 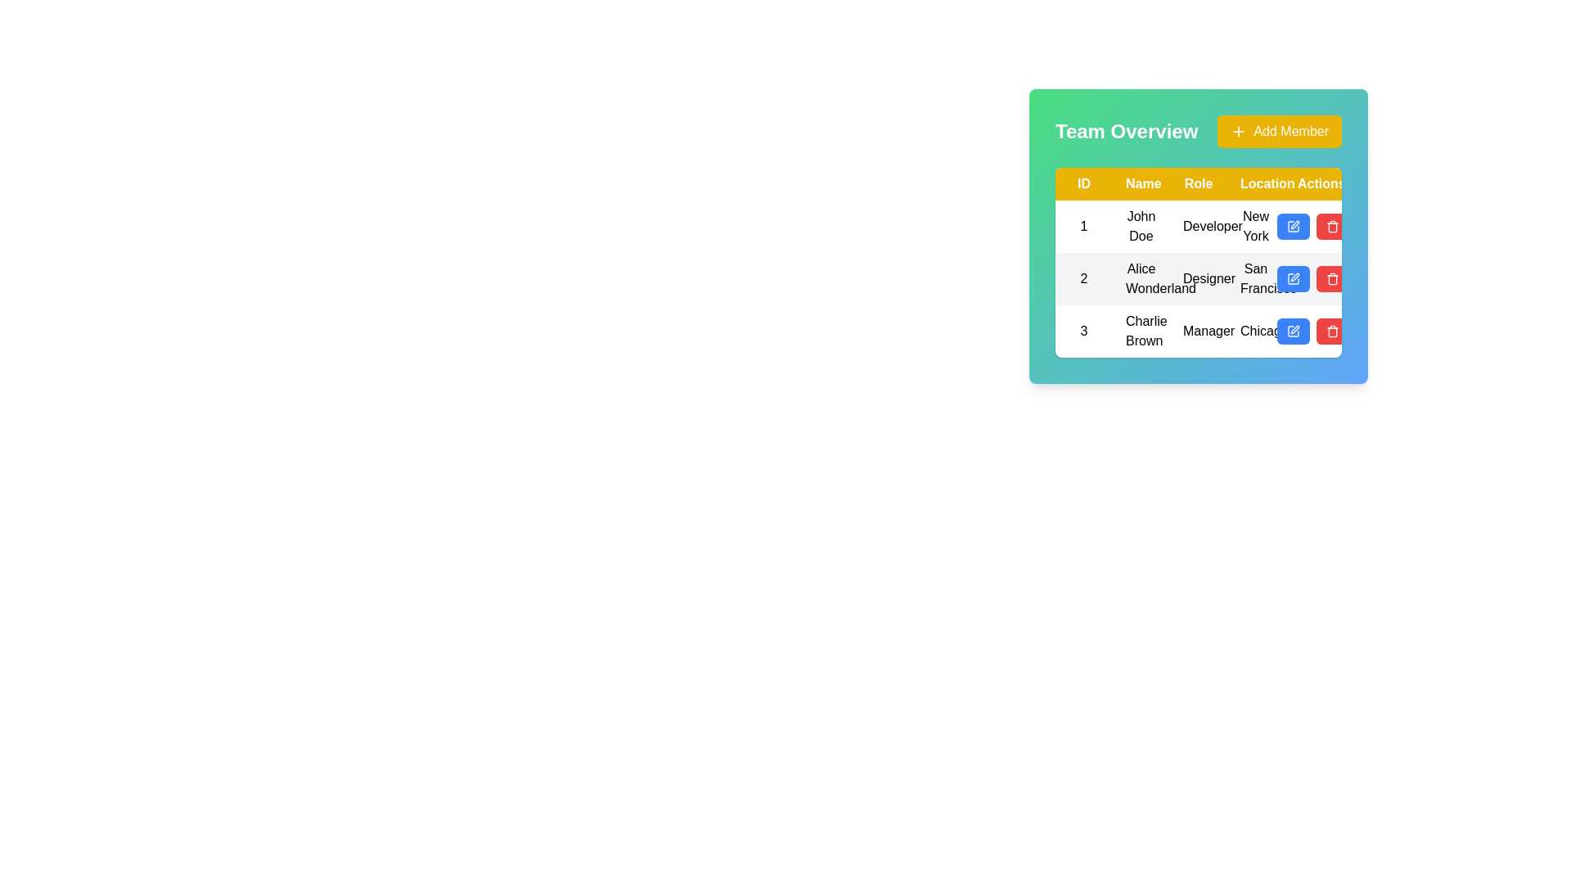 What do you see at coordinates (1083, 183) in the screenshot?
I see `the table header cell containing the text 'ID', which has a yellow background and is located at the top-left corner of the table grid` at bounding box center [1083, 183].